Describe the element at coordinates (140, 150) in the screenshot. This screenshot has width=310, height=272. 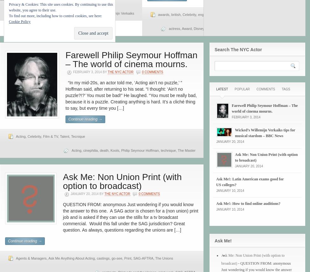
I see `'Philip Seymour Hoffman'` at that location.